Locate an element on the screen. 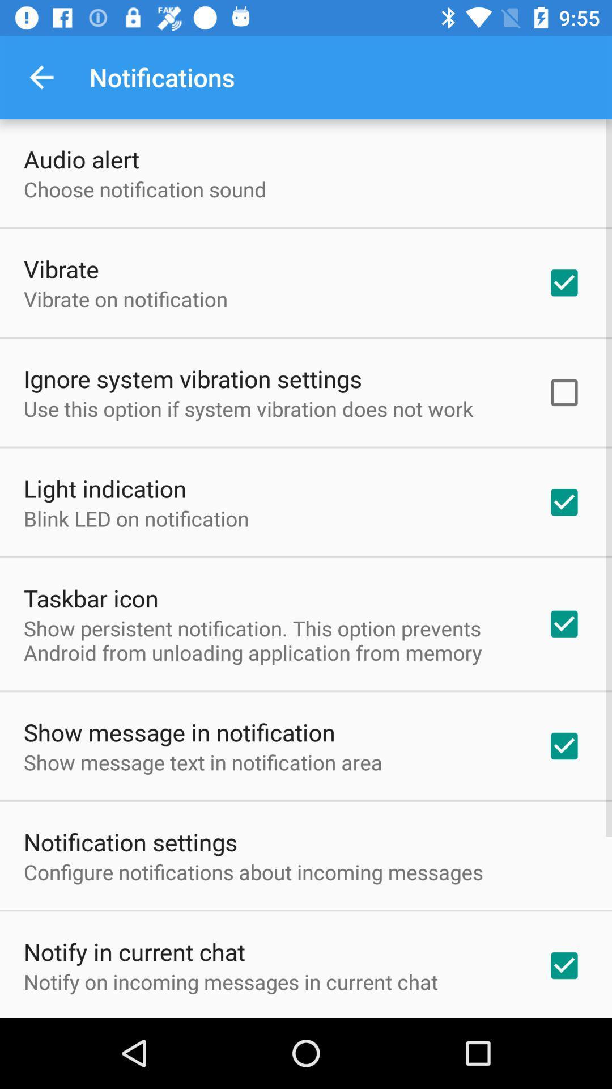 The width and height of the screenshot is (612, 1089). notification settings icon is located at coordinates (130, 842).